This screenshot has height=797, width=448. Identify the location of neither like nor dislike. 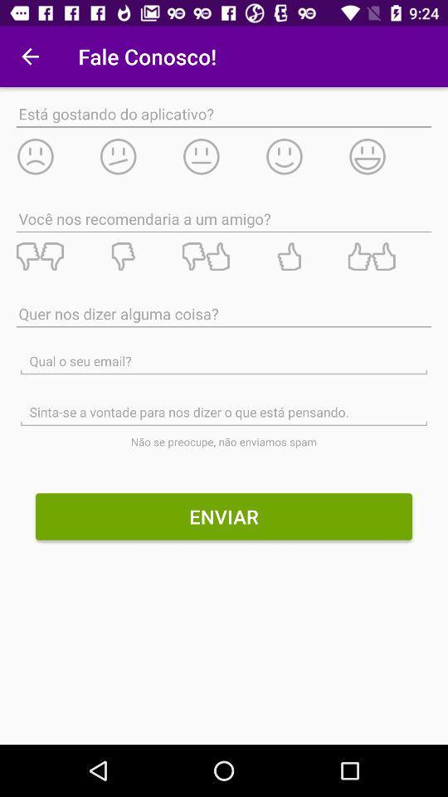
(223, 257).